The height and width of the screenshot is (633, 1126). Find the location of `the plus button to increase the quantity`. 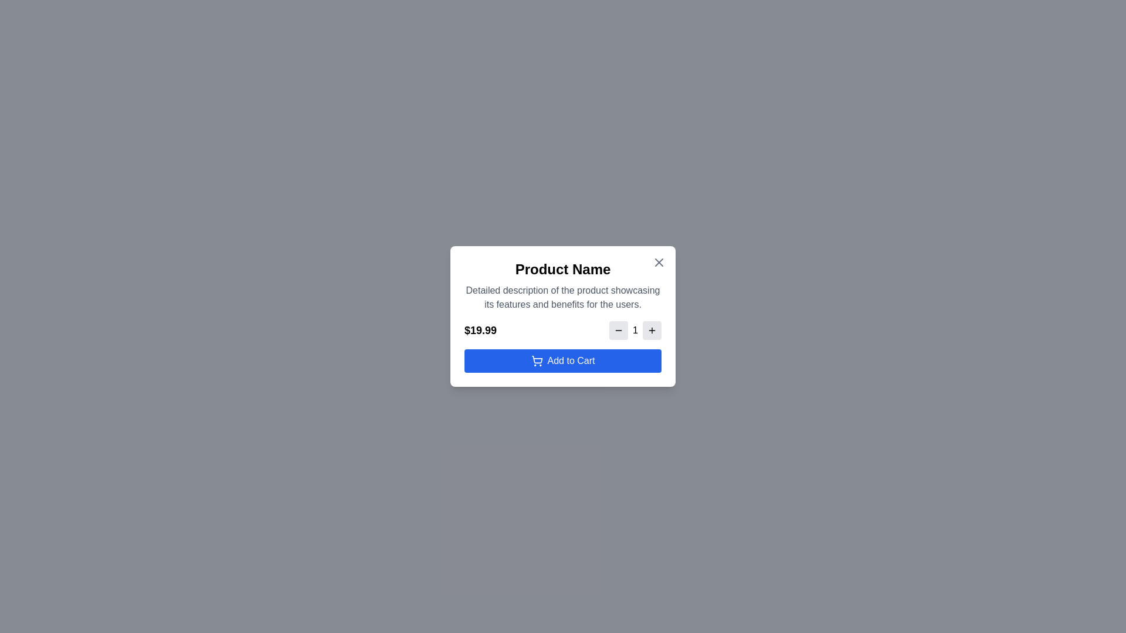

the plus button to increase the quantity is located at coordinates (652, 330).